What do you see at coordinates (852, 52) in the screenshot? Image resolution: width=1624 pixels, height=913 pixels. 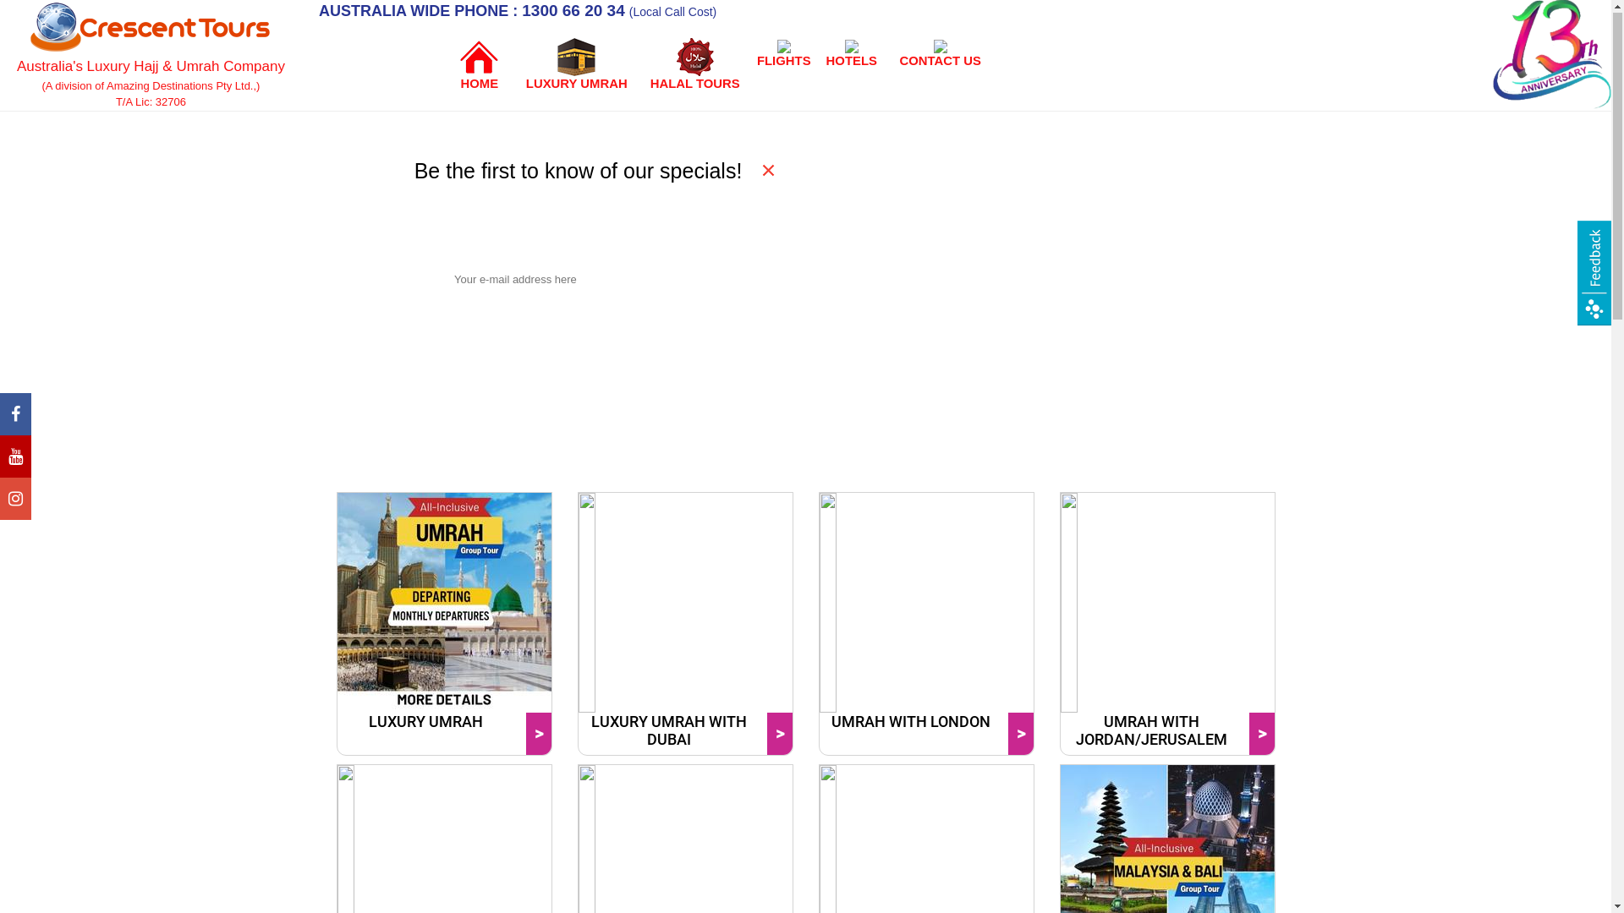 I see `'HOTELS'` at bounding box center [852, 52].